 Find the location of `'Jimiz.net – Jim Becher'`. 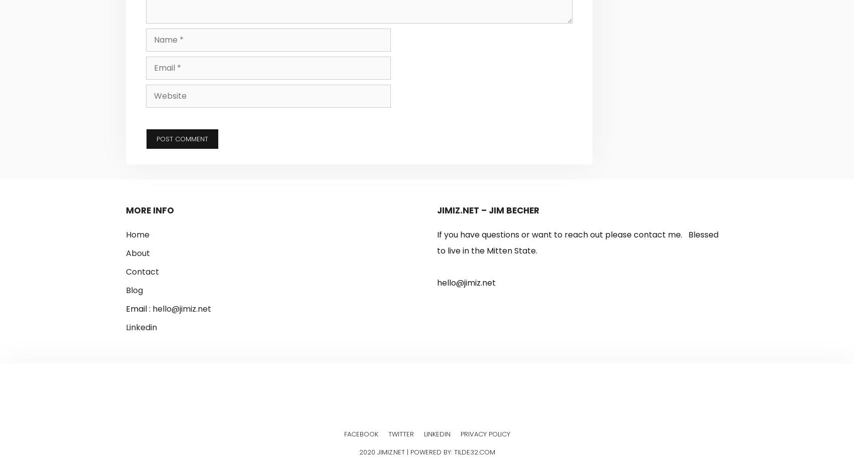

'Jimiz.net – Jim Becher' is located at coordinates (488, 209).